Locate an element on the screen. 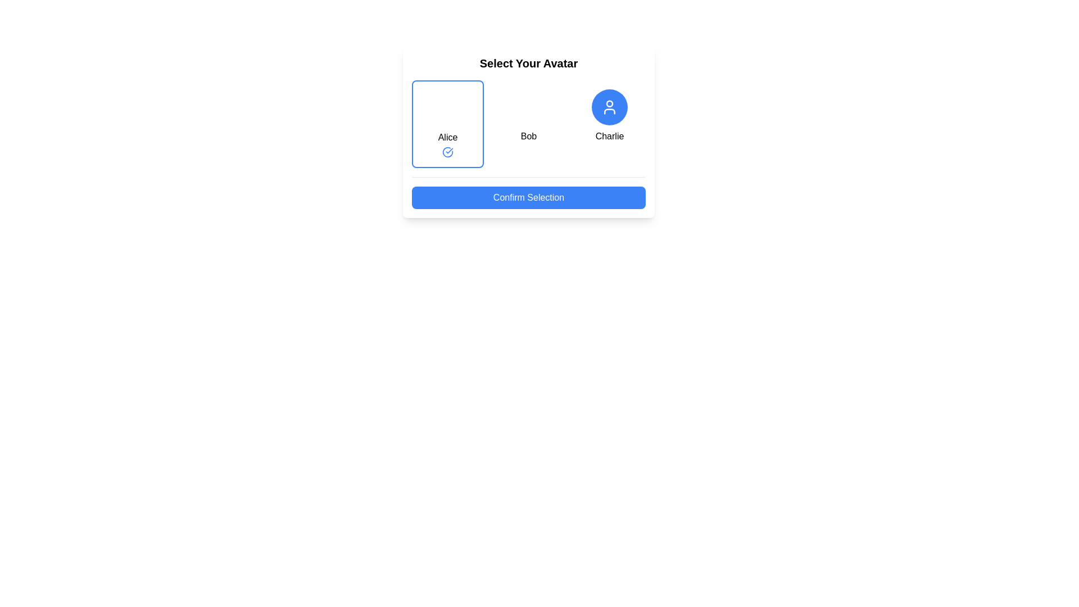 The image size is (1079, 607). the text label for the middle selectable avatar 'Bob', which is located below the heading 'Select Your Avatar' and positioned between the avatars 'Alice' and 'Charlie' is located at coordinates (528, 132).